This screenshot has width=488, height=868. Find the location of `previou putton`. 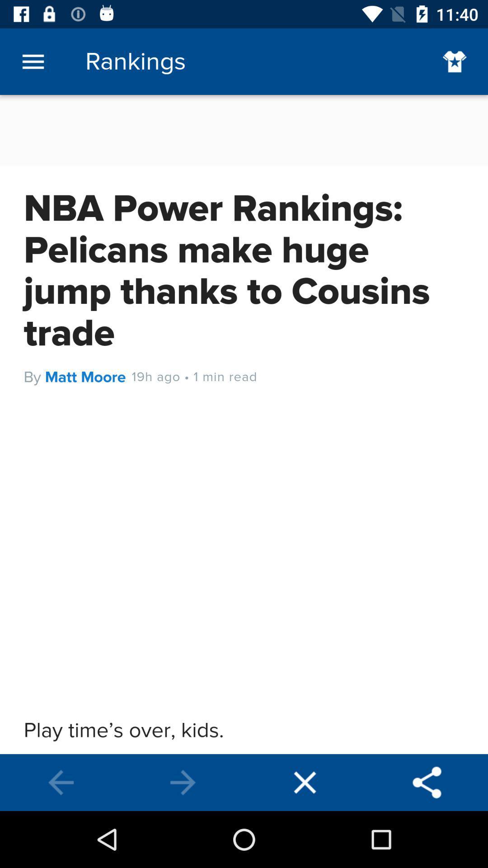

previou putton is located at coordinates (183, 782).